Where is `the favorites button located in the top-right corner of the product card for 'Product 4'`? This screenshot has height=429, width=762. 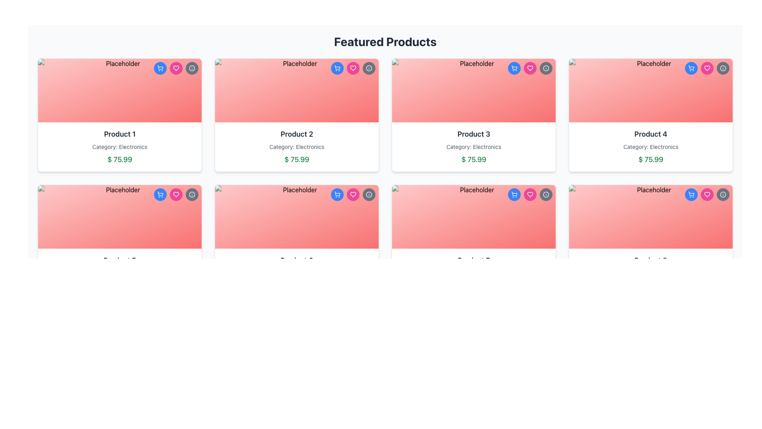
the favorites button located in the top-right corner of the product card for 'Product 4' is located at coordinates (707, 68).